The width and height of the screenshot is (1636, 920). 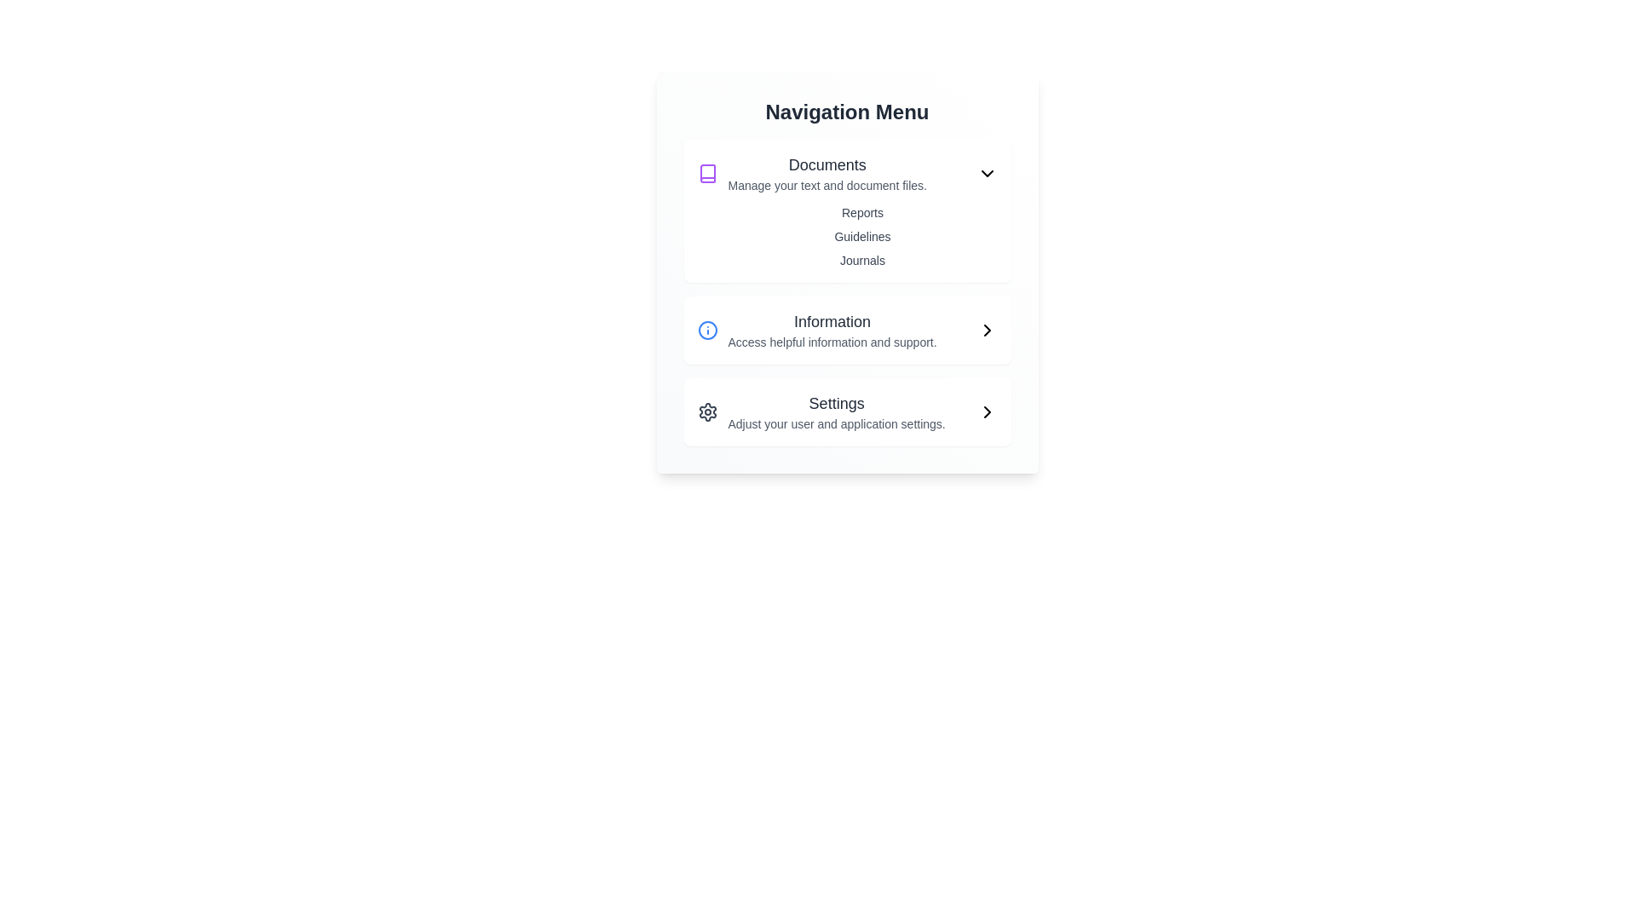 I want to click on the 'Settings' row element in the navigation menu, so click(x=847, y=411).